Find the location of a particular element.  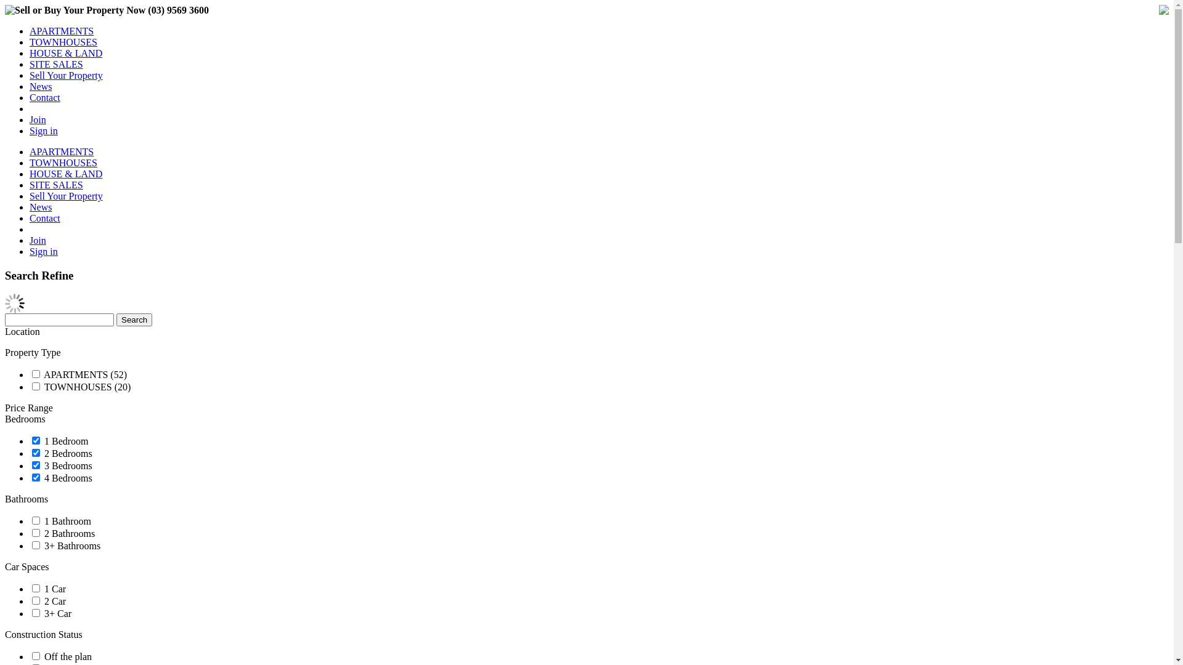

'TOWNHOUSES' is located at coordinates (62, 162).